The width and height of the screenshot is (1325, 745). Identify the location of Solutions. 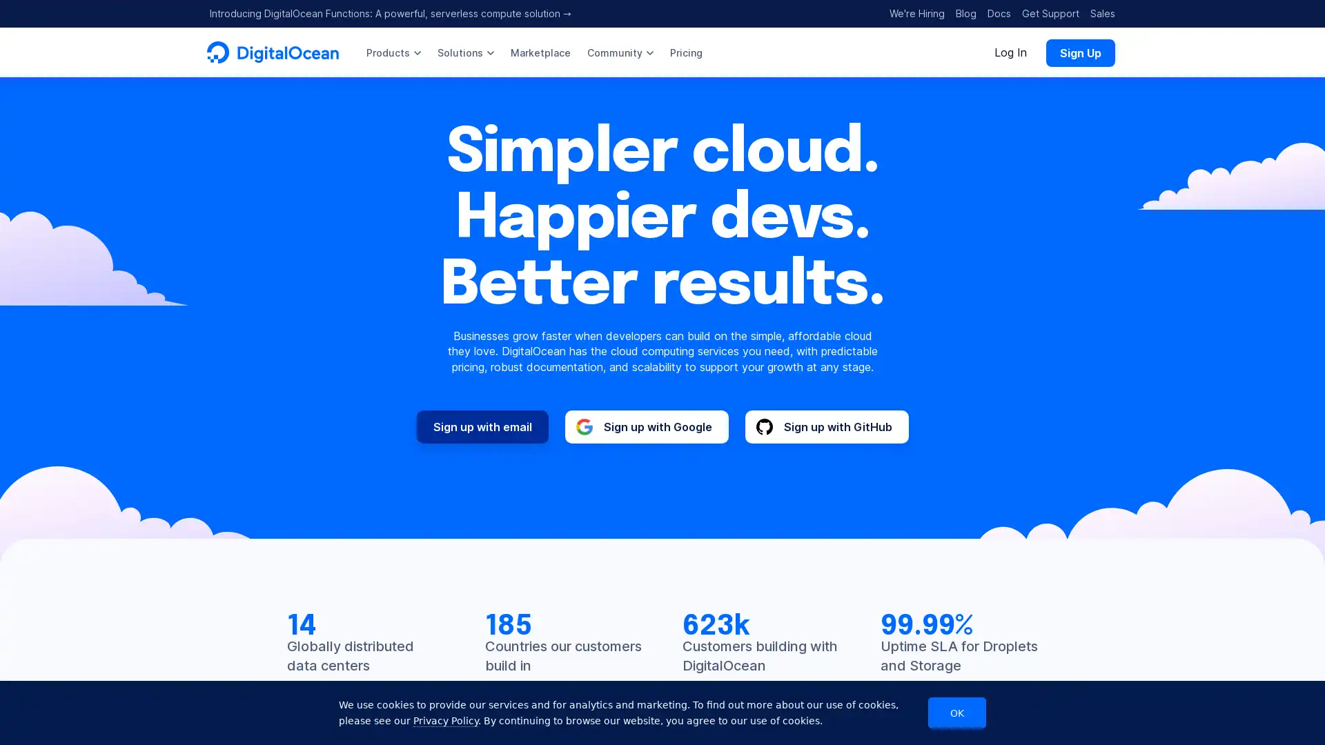
(466, 52).